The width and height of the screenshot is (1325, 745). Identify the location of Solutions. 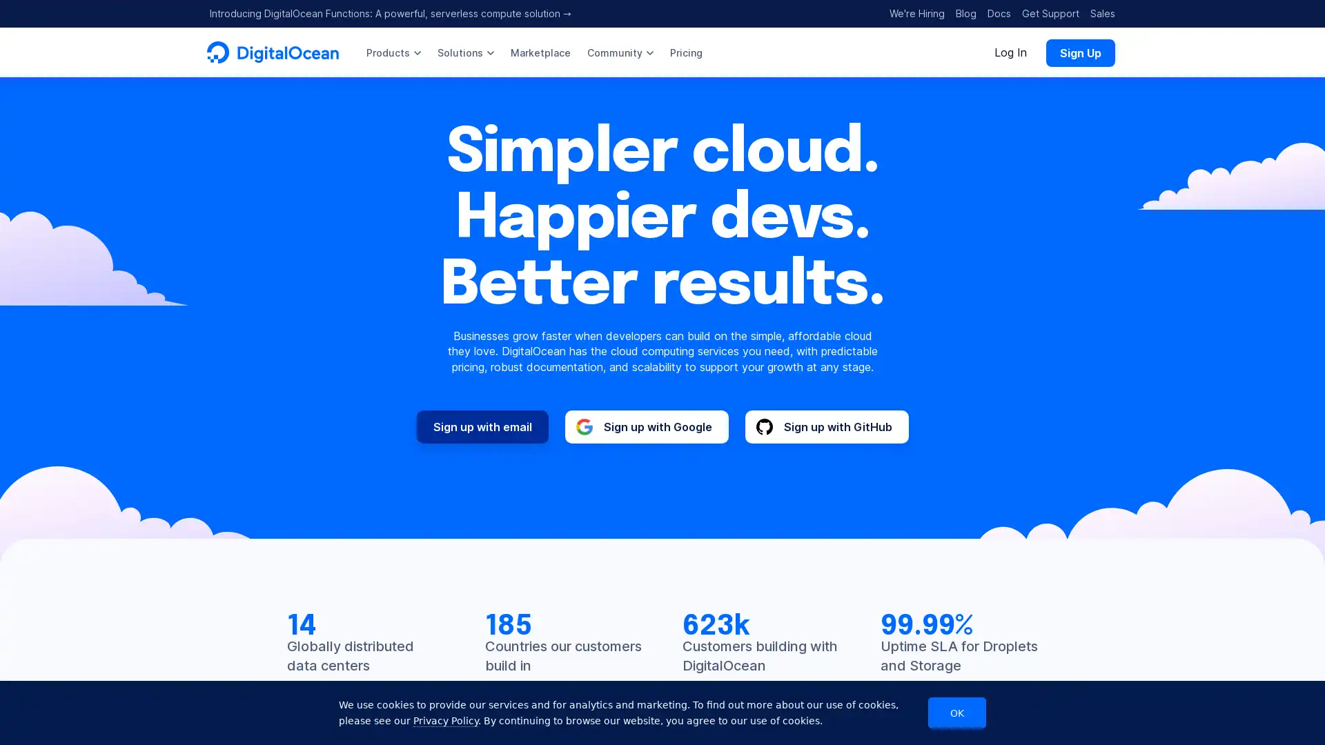
(466, 52).